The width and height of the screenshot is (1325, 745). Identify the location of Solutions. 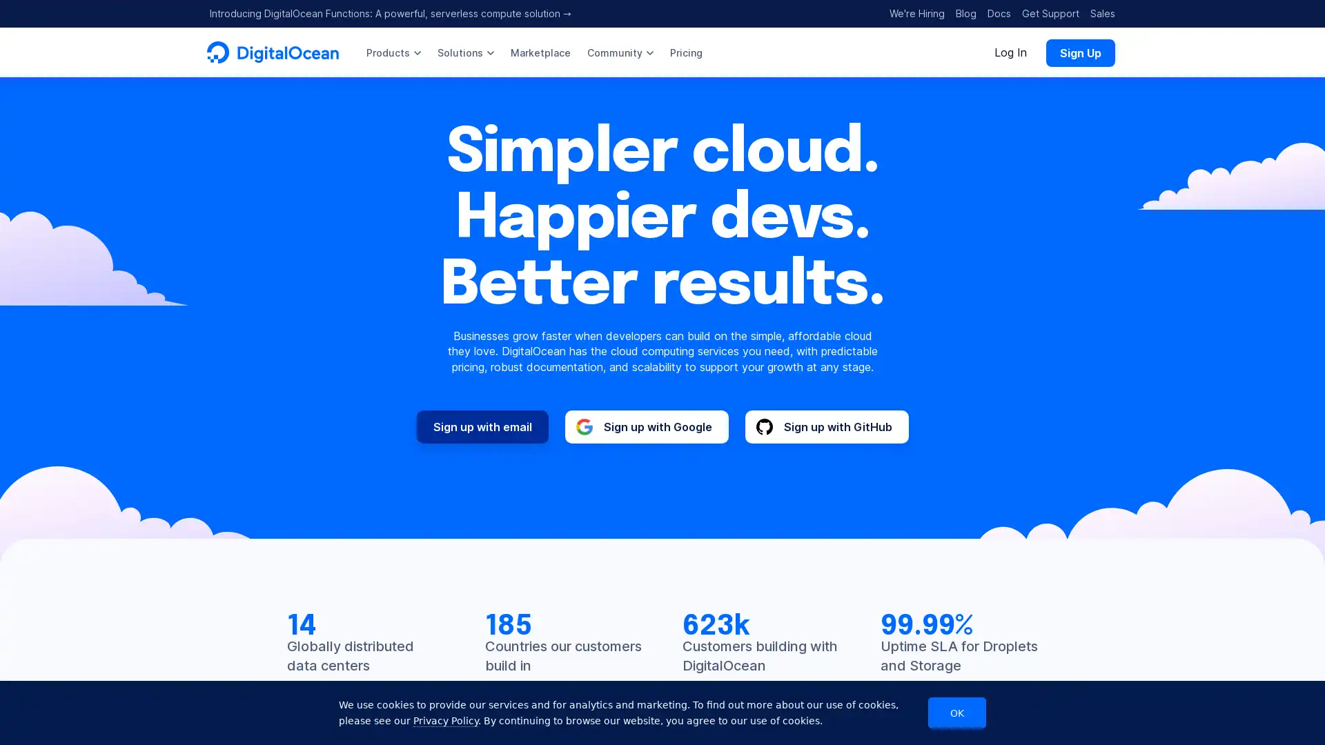
(466, 52).